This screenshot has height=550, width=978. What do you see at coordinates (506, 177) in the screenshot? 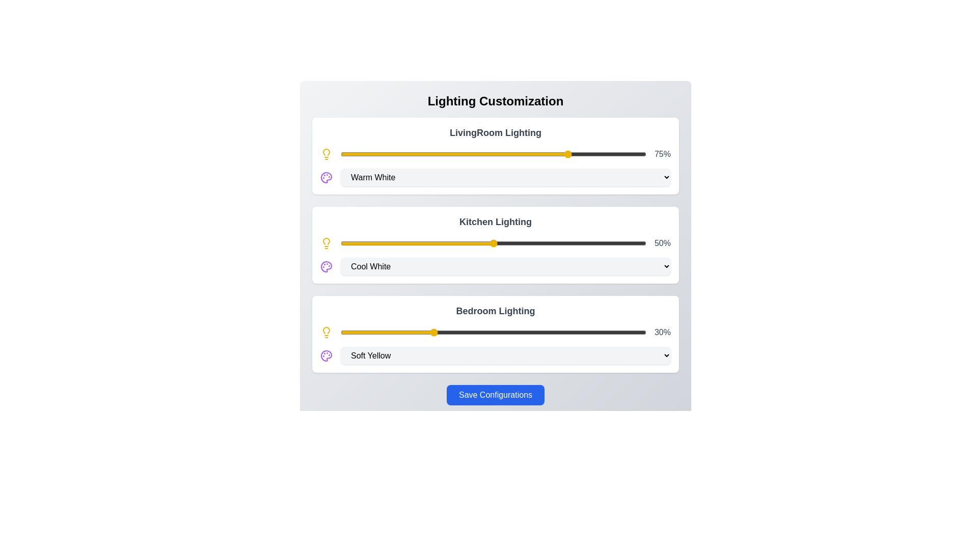
I see `the color Cool White from the dropdown menu of the livingRoom lighting` at bounding box center [506, 177].